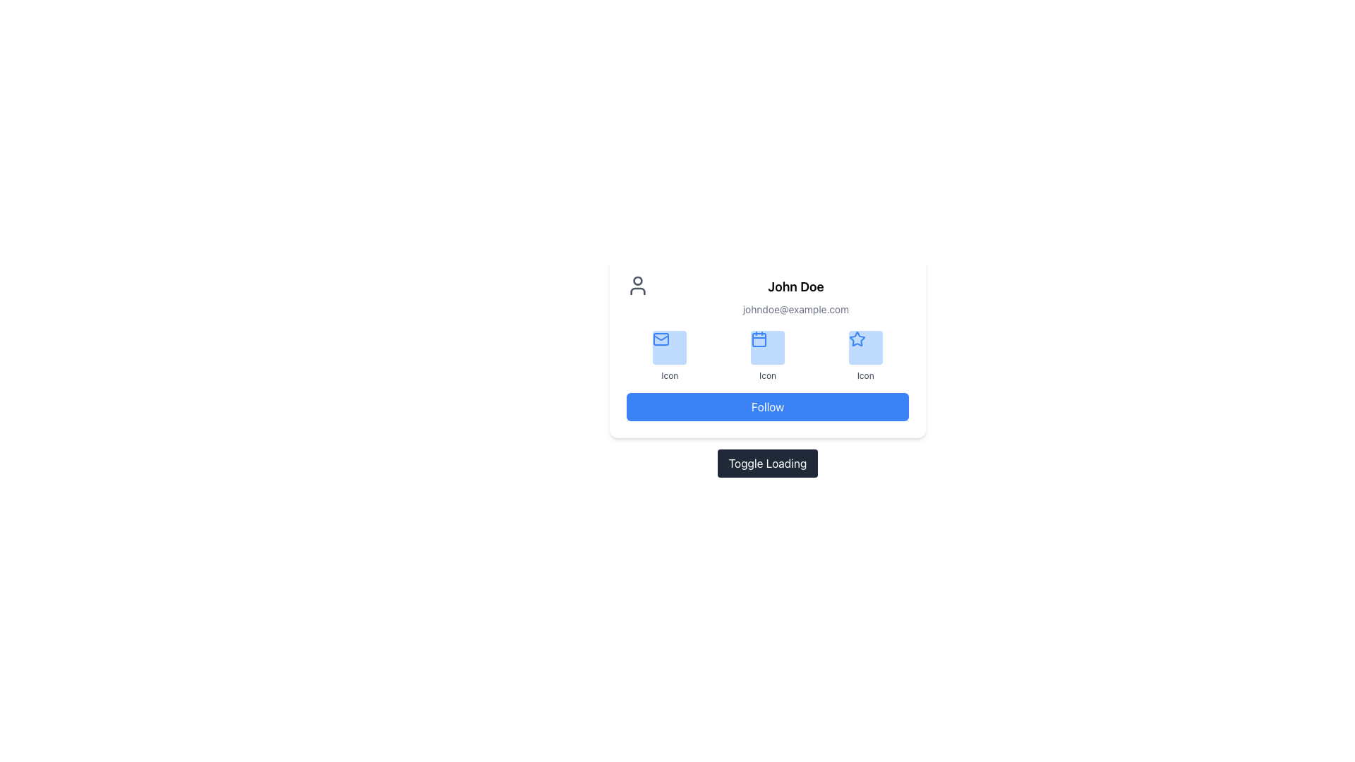  What do you see at coordinates (637, 286) in the screenshot?
I see `the user icon, which is an outline of a person styled in gray, located at the top-left corner of the card interface` at bounding box center [637, 286].